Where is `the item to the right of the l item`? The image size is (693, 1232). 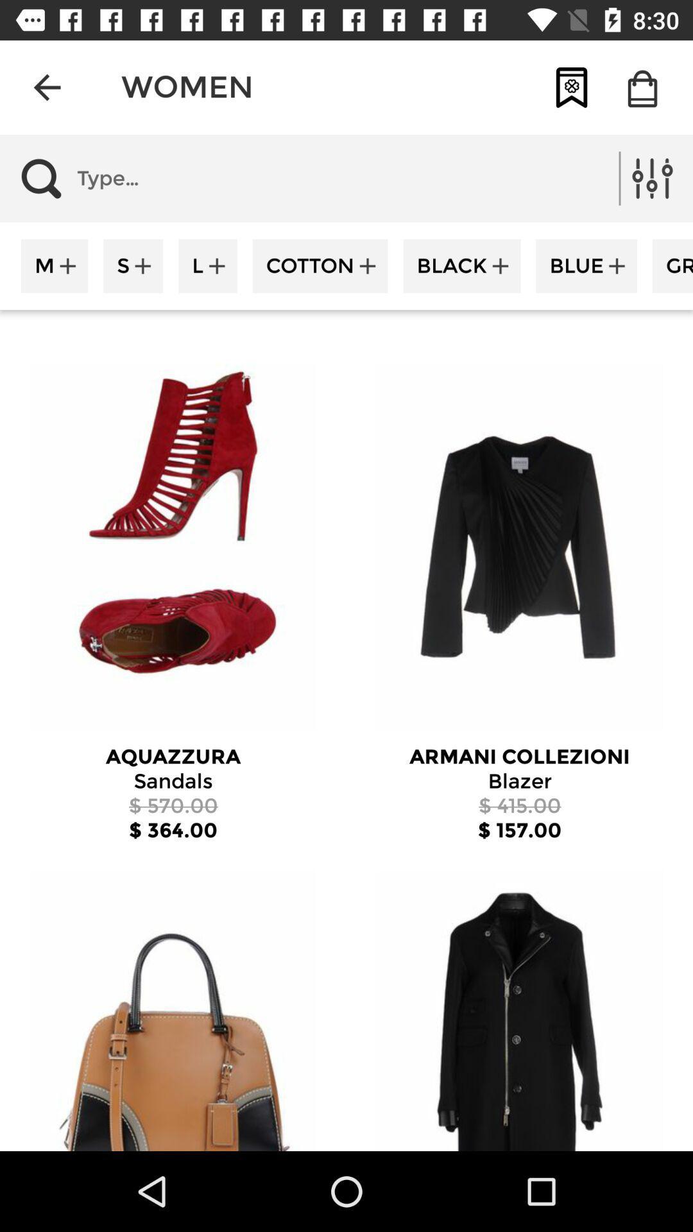
the item to the right of the l item is located at coordinates (320, 265).